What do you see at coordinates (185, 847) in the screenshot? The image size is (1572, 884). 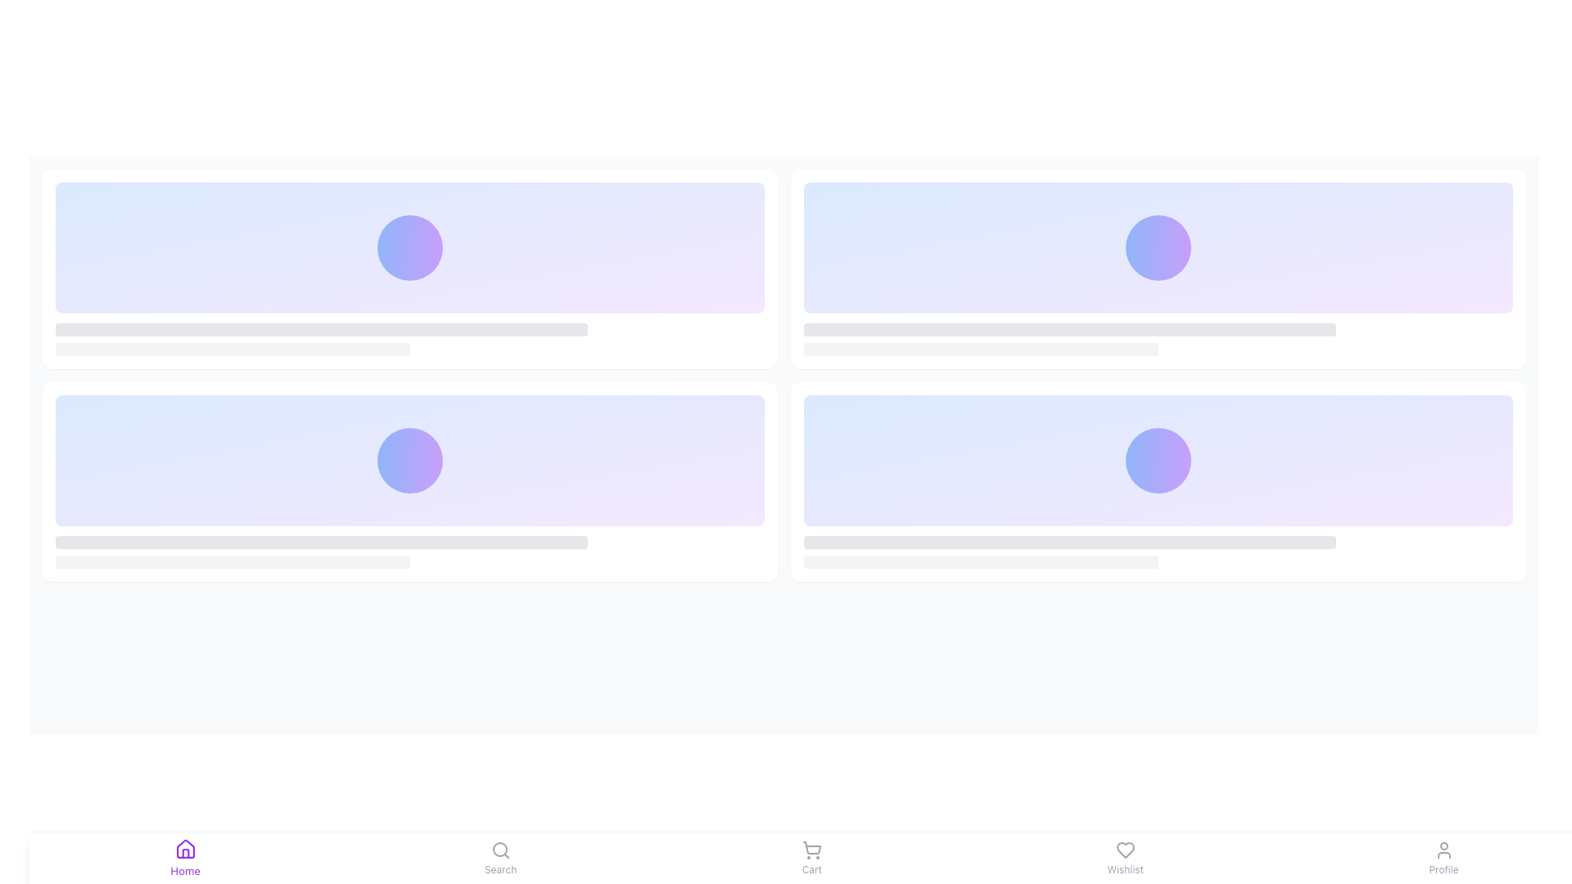 I see `the house icon` at bounding box center [185, 847].